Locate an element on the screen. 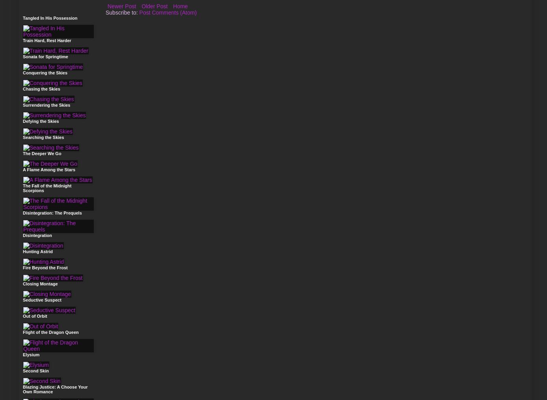 The image size is (547, 400). 'Fire Beyond the Frost' is located at coordinates (23, 267).